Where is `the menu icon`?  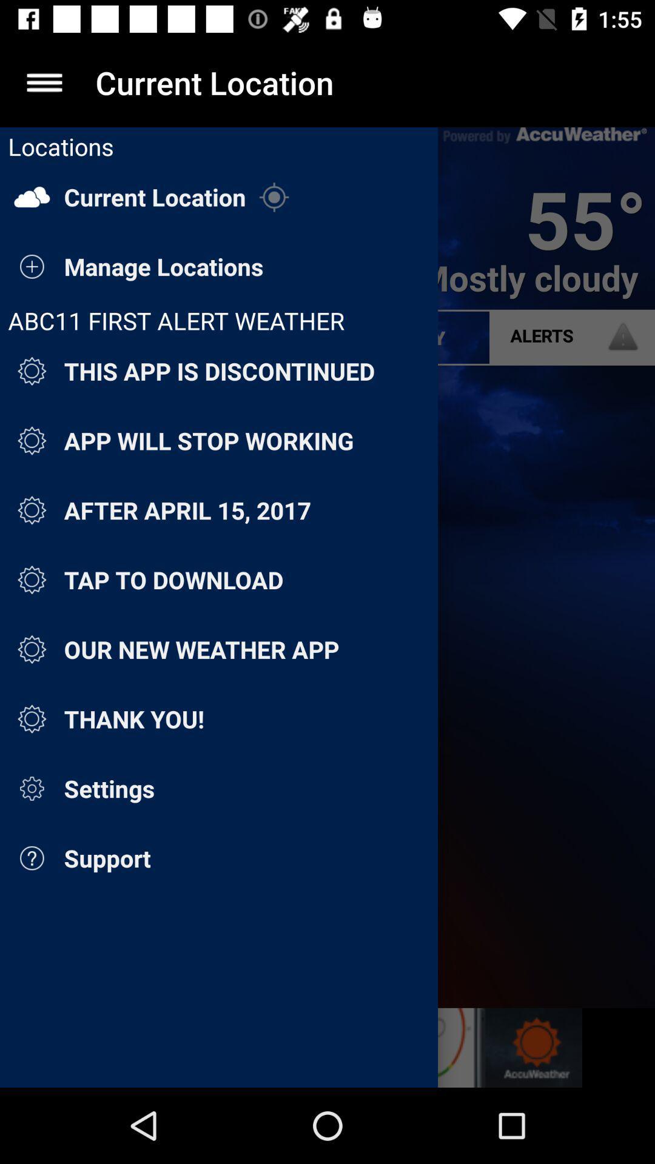
the menu icon is located at coordinates (44, 82).